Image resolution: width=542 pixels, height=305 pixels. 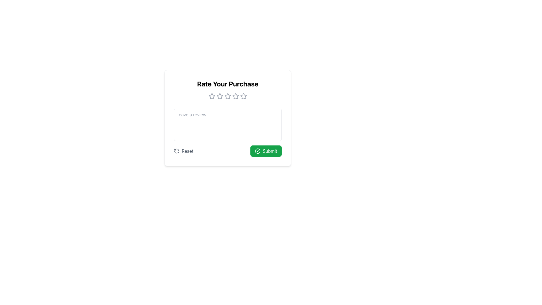 What do you see at coordinates (187, 151) in the screenshot?
I see `the 'Reset' text label, which is styled in gray and positioned to the right of a refresh icon` at bounding box center [187, 151].